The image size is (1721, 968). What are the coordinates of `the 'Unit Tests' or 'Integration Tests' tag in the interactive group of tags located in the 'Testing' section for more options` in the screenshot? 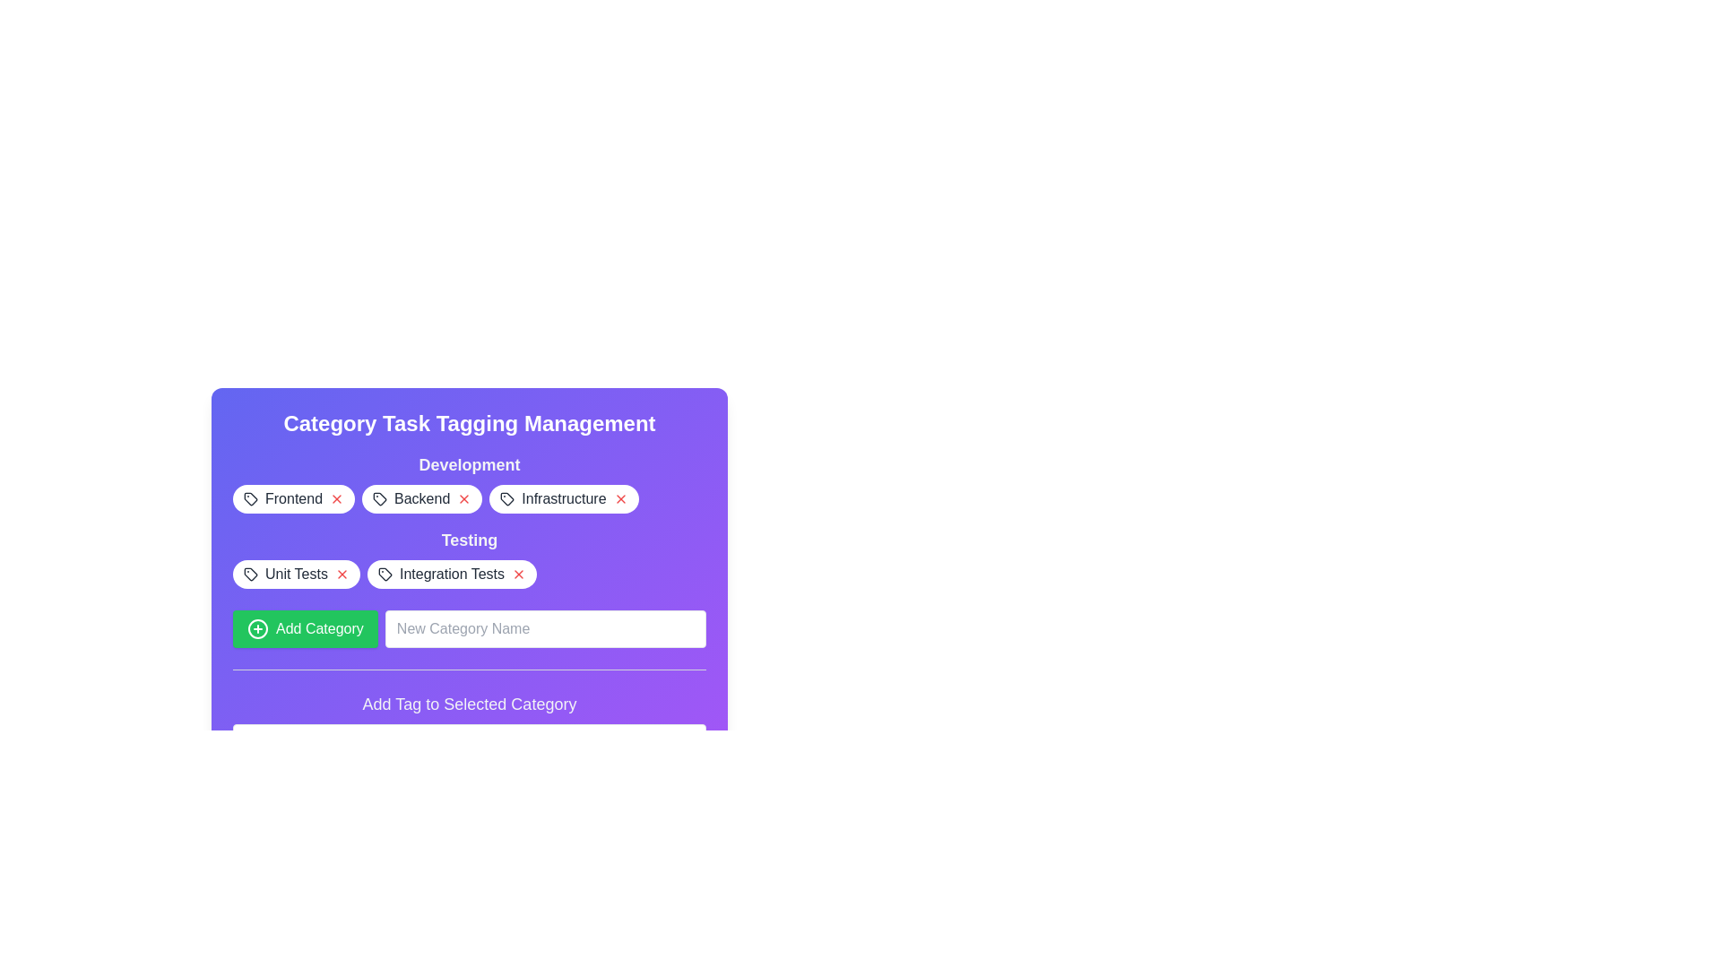 It's located at (469, 574).